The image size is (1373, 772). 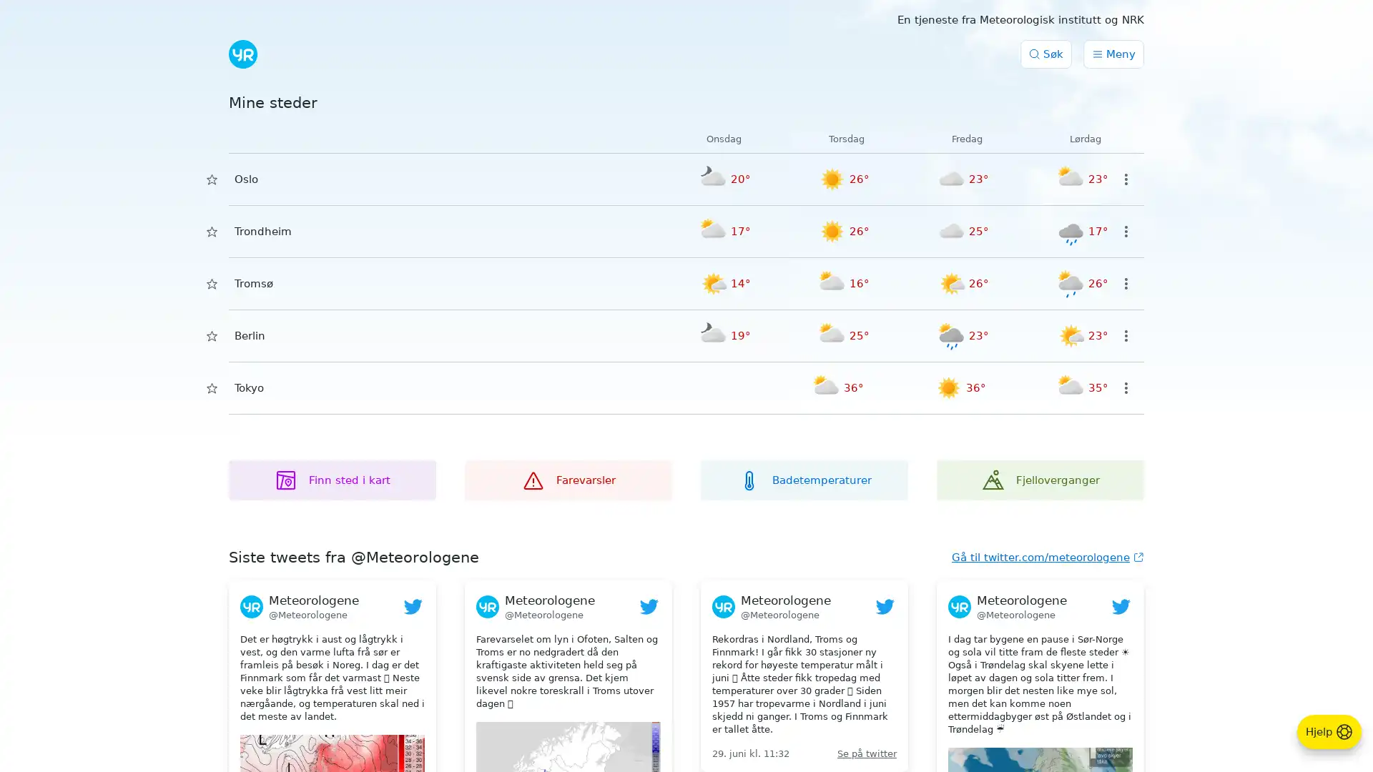 What do you see at coordinates (264, 54) in the screenshot?
I see `Submit` at bounding box center [264, 54].